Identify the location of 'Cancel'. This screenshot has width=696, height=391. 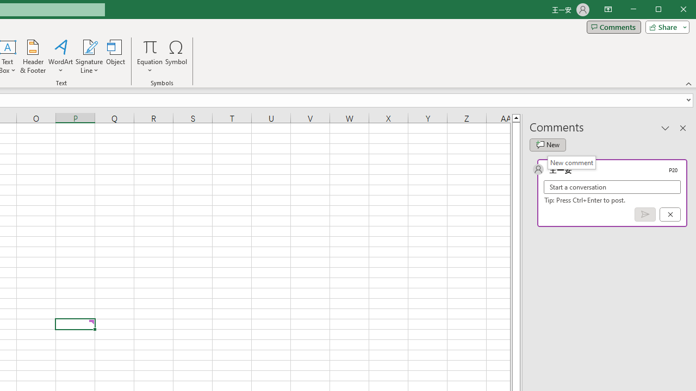
(669, 215).